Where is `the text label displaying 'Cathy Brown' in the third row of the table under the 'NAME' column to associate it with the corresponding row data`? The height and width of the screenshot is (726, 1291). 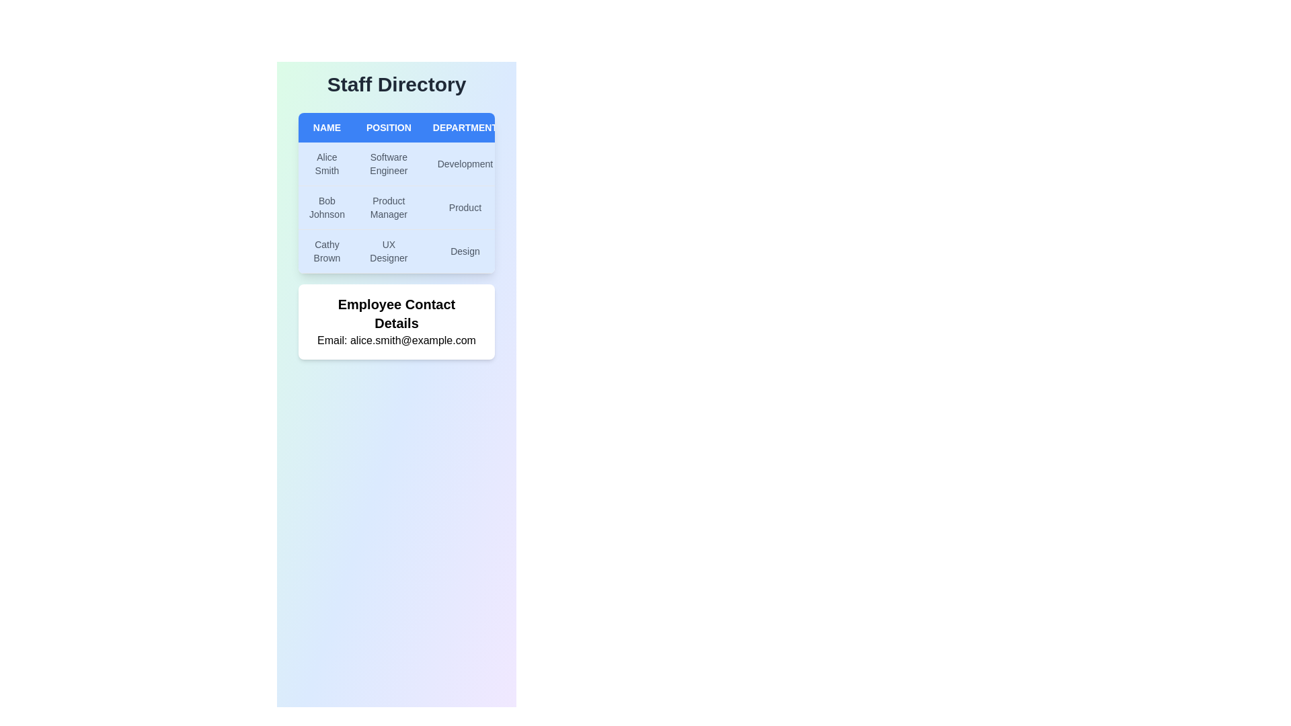
the text label displaying 'Cathy Brown' in the third row of the table under the 'NAME' column to associate it with the corresponding row data is located at coordinates (327, 251).